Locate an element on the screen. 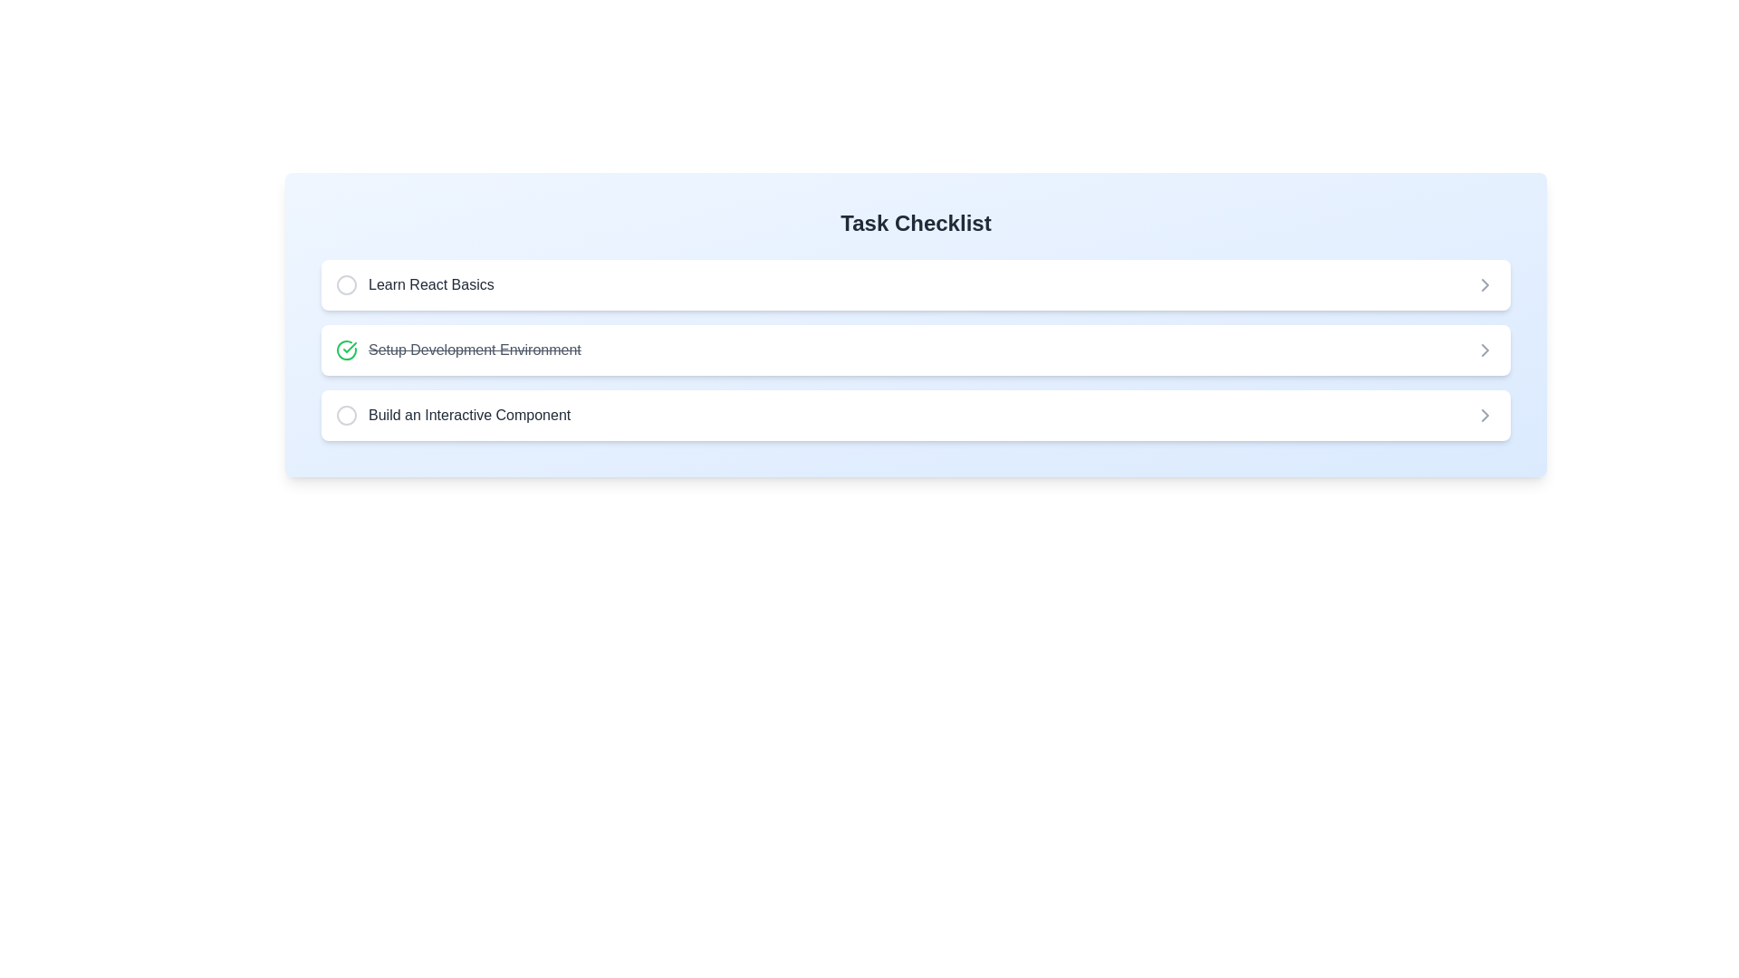  the 'chevron-right' arrow icon is located at coordinates (1485, 416).